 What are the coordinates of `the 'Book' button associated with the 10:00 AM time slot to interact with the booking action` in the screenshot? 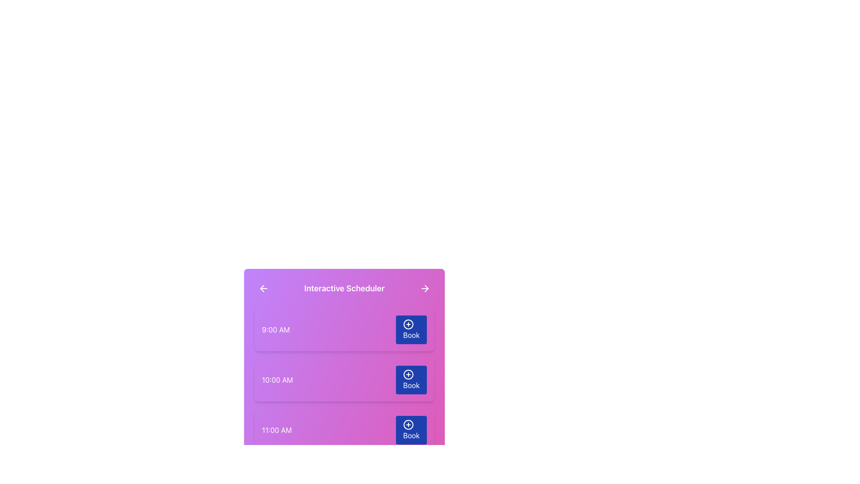 It's located at (408, 375).